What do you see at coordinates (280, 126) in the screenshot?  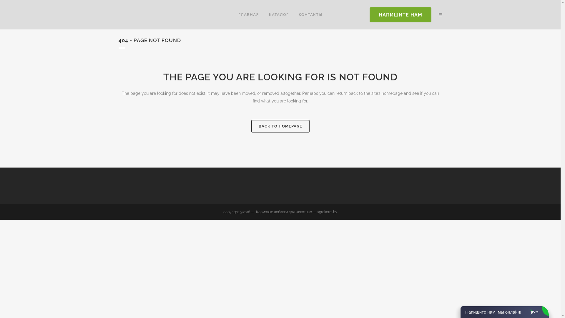 I see `'BACK TO HOMEPAGE'` at bounding box center [280, 126].